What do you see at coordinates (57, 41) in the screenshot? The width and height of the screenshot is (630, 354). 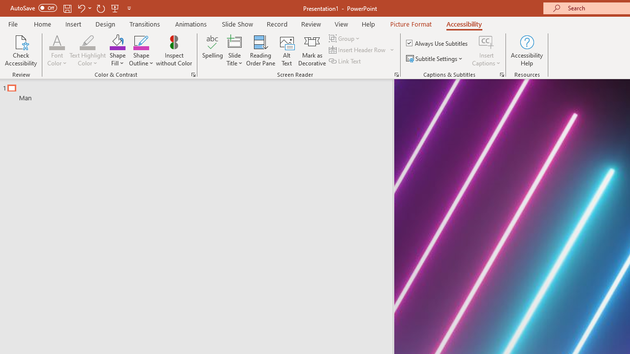 I see `'Font Color'` at bounding box center [57, 41].